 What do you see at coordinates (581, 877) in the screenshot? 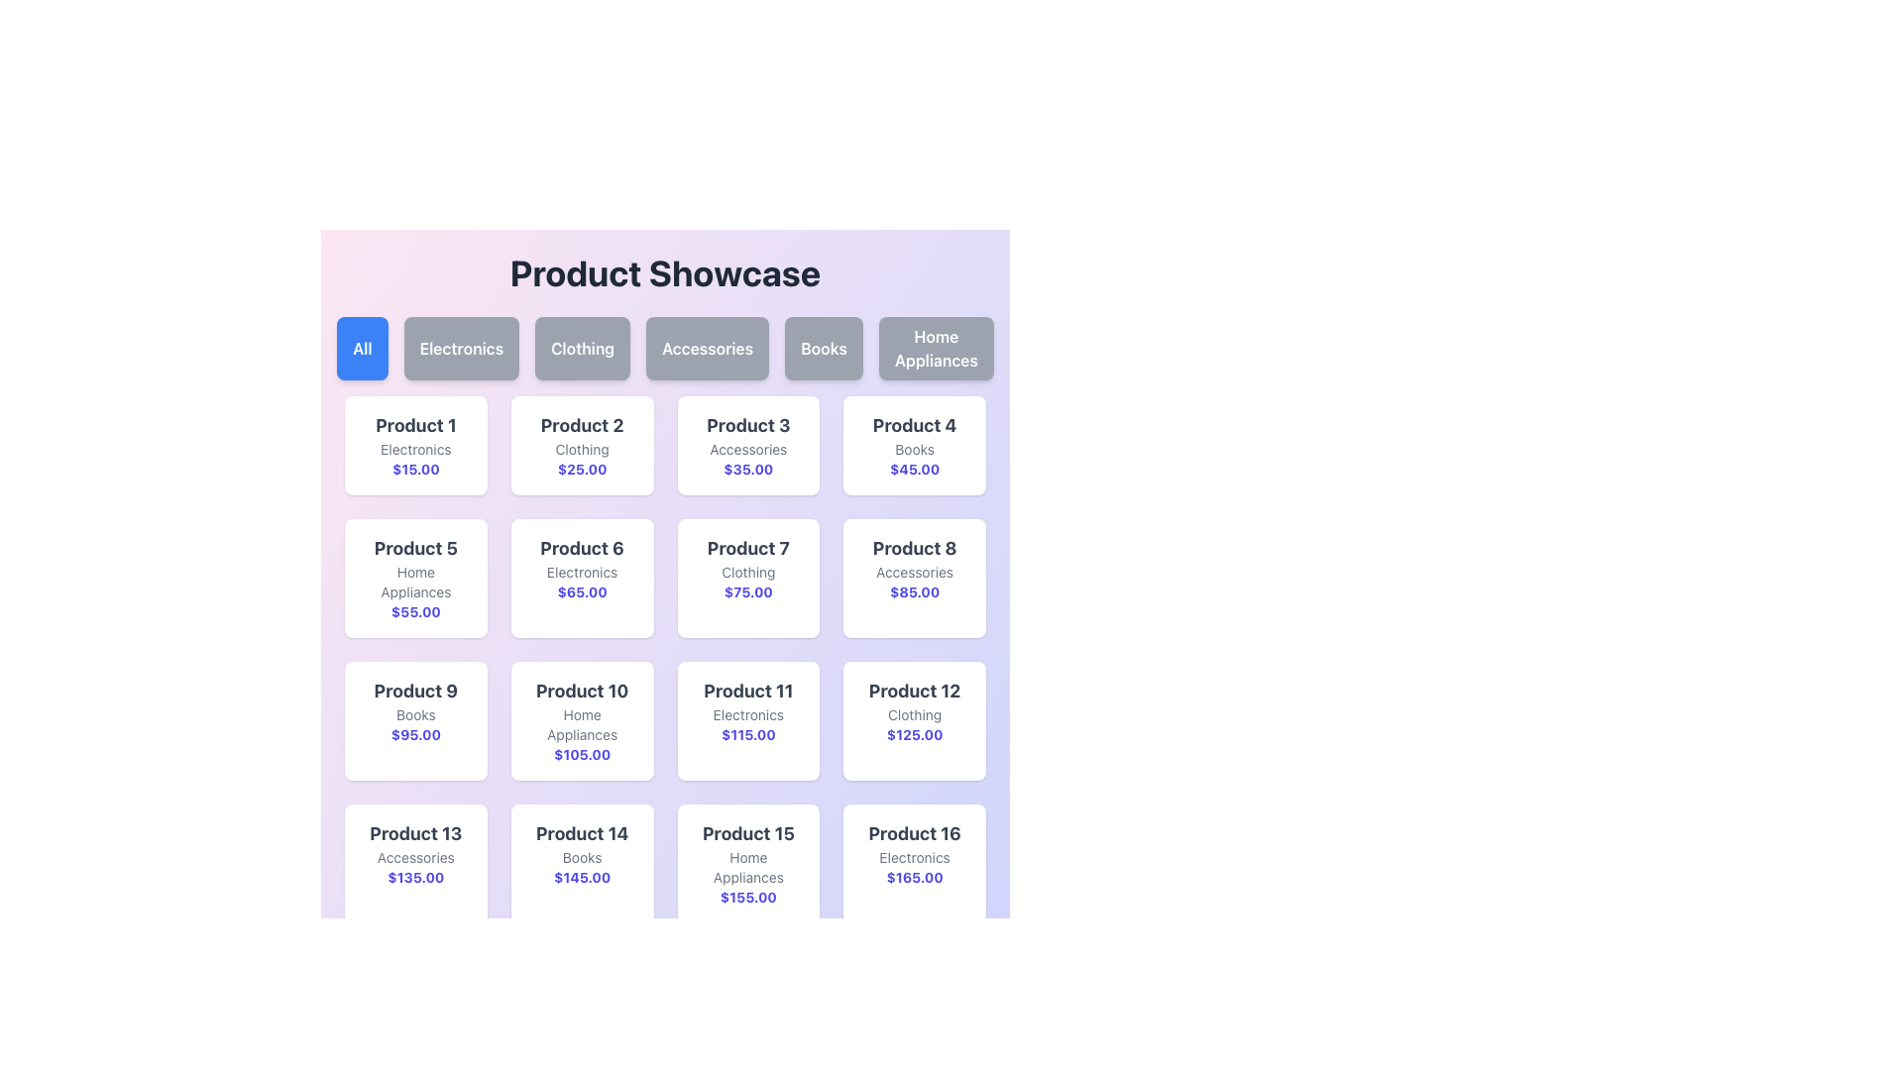
I see `price text of the product displayed in the card labeled 'Product 14', which is located at the bottom of the card under the label 'Books'` at bounding box center [581, 877].